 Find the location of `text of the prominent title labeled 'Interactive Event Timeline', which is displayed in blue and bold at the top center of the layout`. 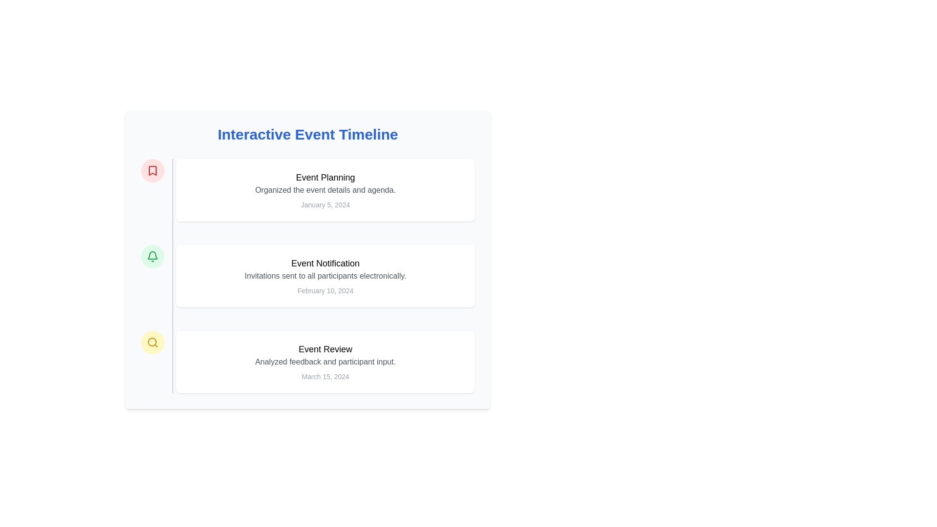

text of the prominent title labeled 'Interactive Event Timeline', which is displayed in blue and bold at the top center of the layout is located at coordinates (307, 135).